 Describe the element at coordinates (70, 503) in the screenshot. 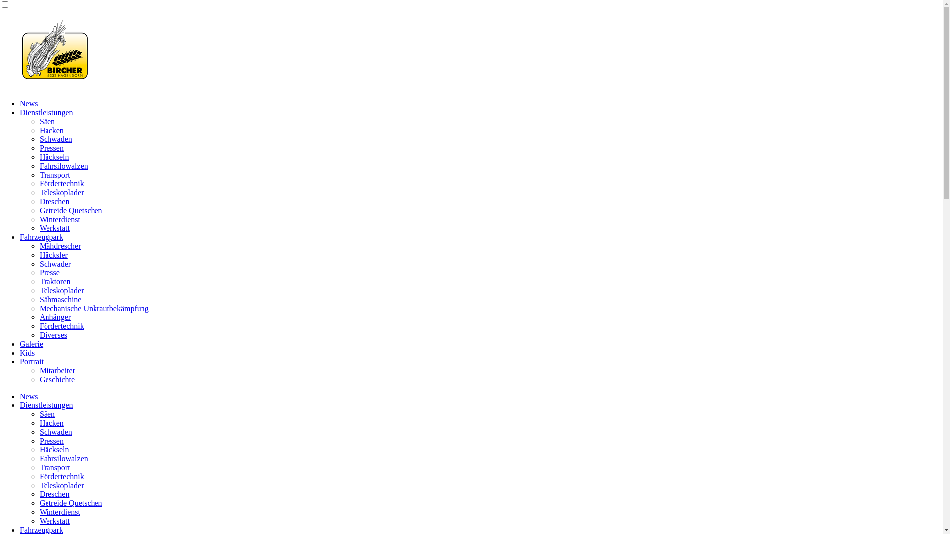

I see `'Getreide Quetschen'` at that location.